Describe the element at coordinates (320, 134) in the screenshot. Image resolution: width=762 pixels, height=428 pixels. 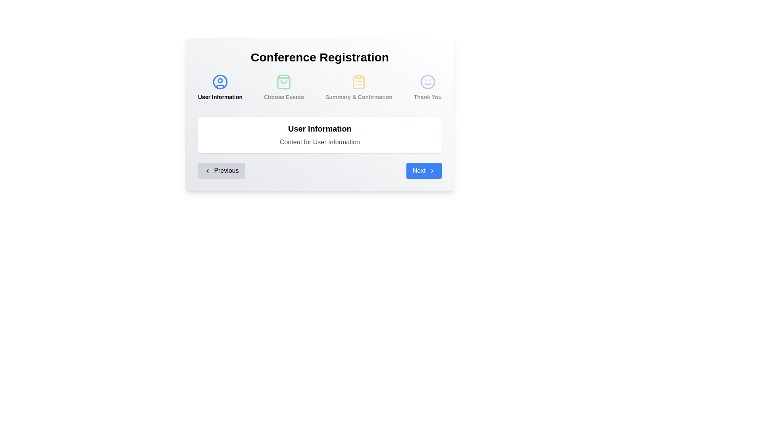
I see `the informational panel located centrally below the navigation section in the 'Conference Registration' interface` at that location.